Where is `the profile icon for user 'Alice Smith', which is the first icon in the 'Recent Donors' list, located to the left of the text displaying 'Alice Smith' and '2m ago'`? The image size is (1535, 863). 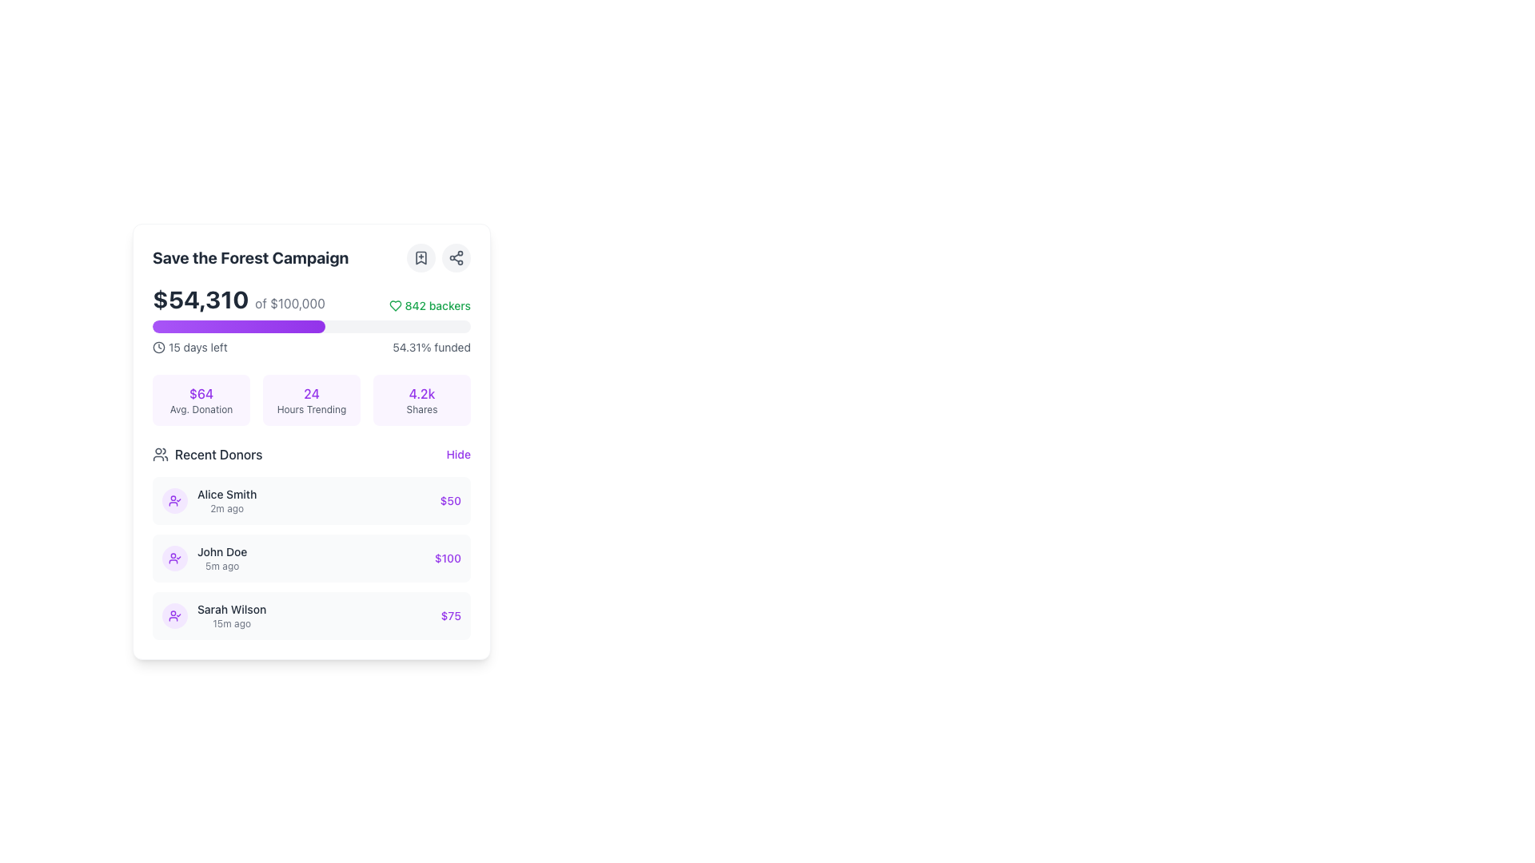 the profile icon for user 'Alice Smith', which is the first icon in the 'Recent Donors' list, located to the left of the text displaying 'Alice Smith' and '2m ago' is located at coordinates (175, 500).